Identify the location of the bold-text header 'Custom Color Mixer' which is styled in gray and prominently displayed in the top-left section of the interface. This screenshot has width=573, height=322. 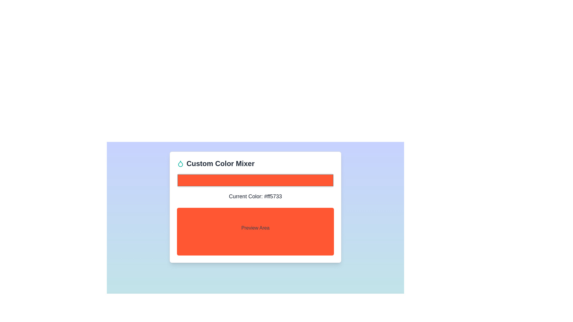
(220, 163).